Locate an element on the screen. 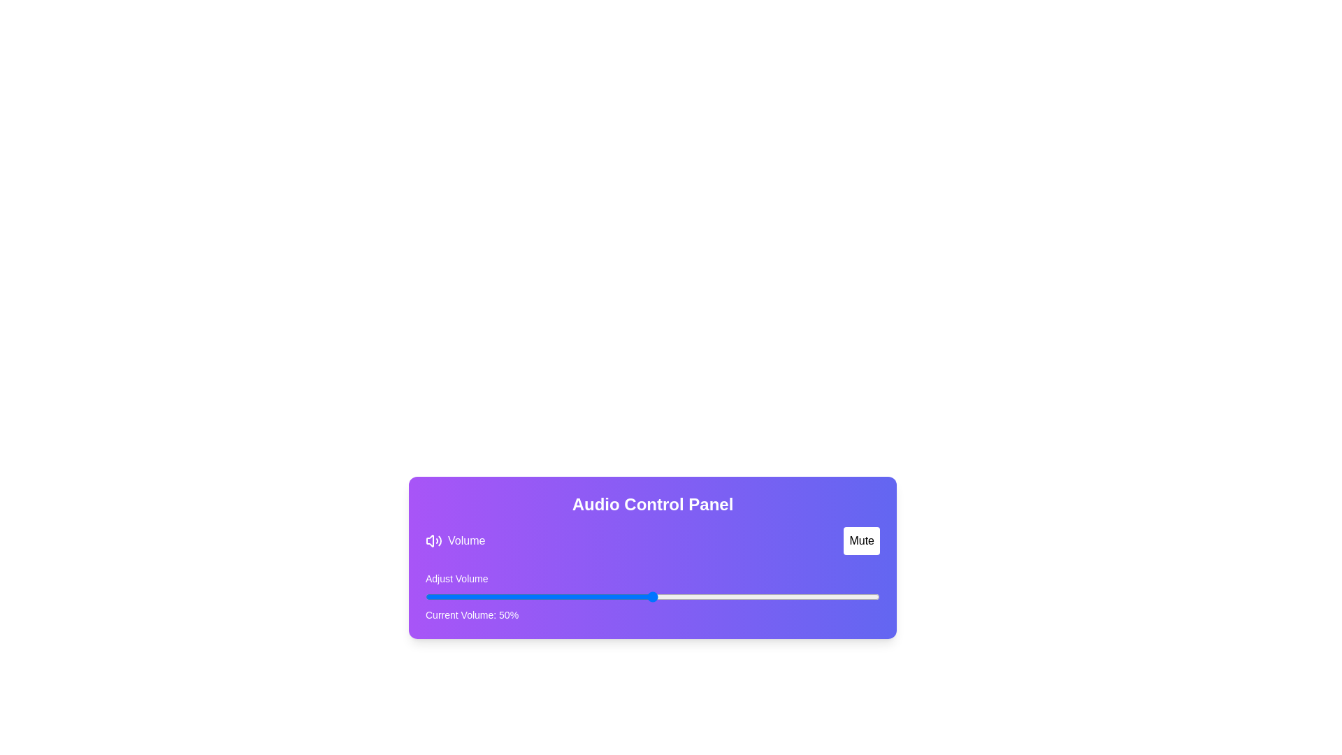  the volume slider is located at coordinates (525, 596).